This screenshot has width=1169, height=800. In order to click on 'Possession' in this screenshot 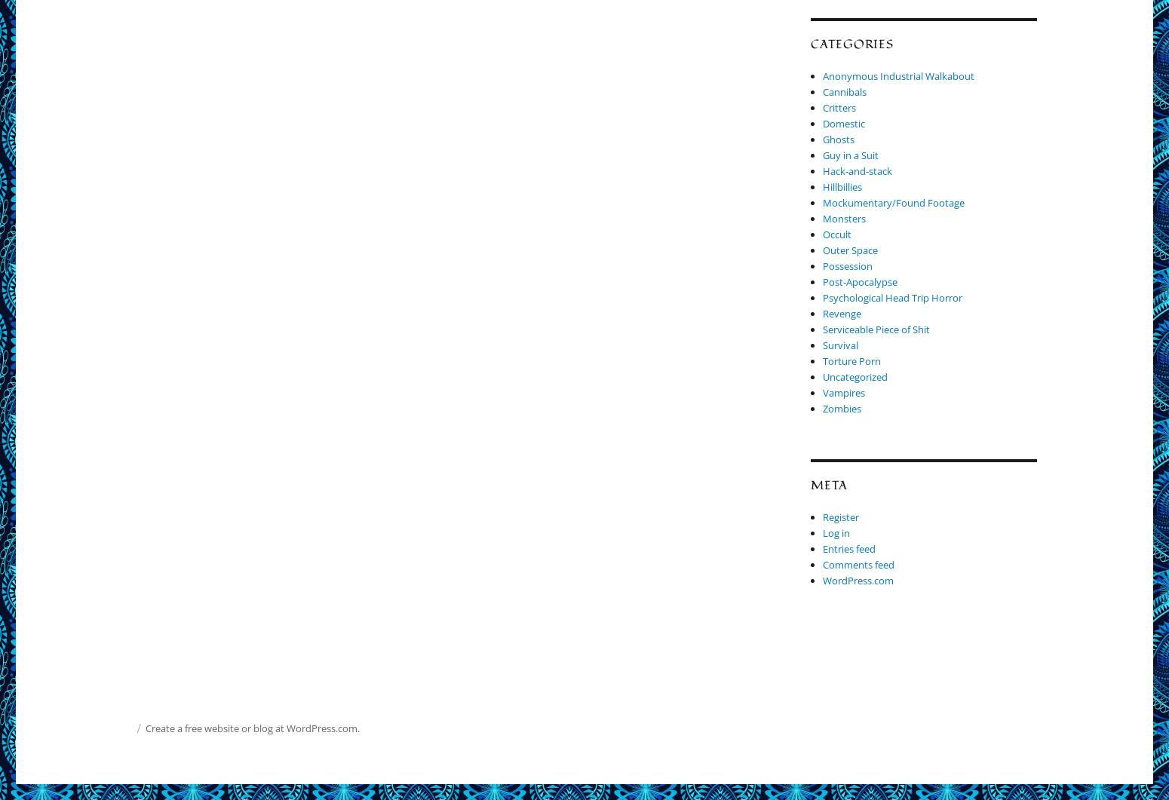, I will do `click(822, 265)`.